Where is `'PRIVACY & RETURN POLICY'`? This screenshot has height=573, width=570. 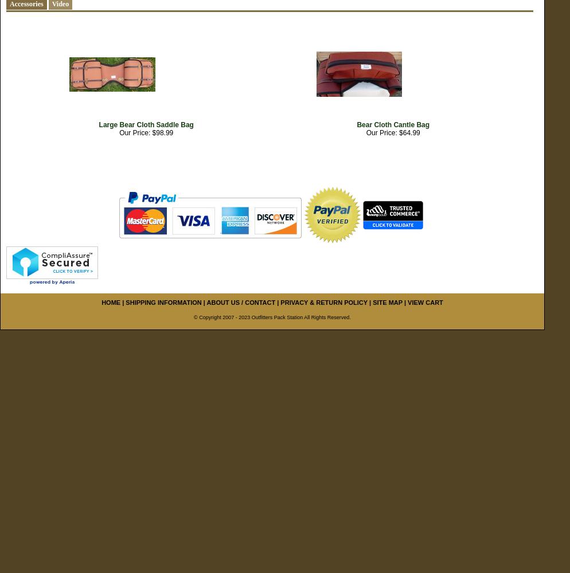
'PRIVACY & RETURN POLICY' is located at coordinates (280, 303).